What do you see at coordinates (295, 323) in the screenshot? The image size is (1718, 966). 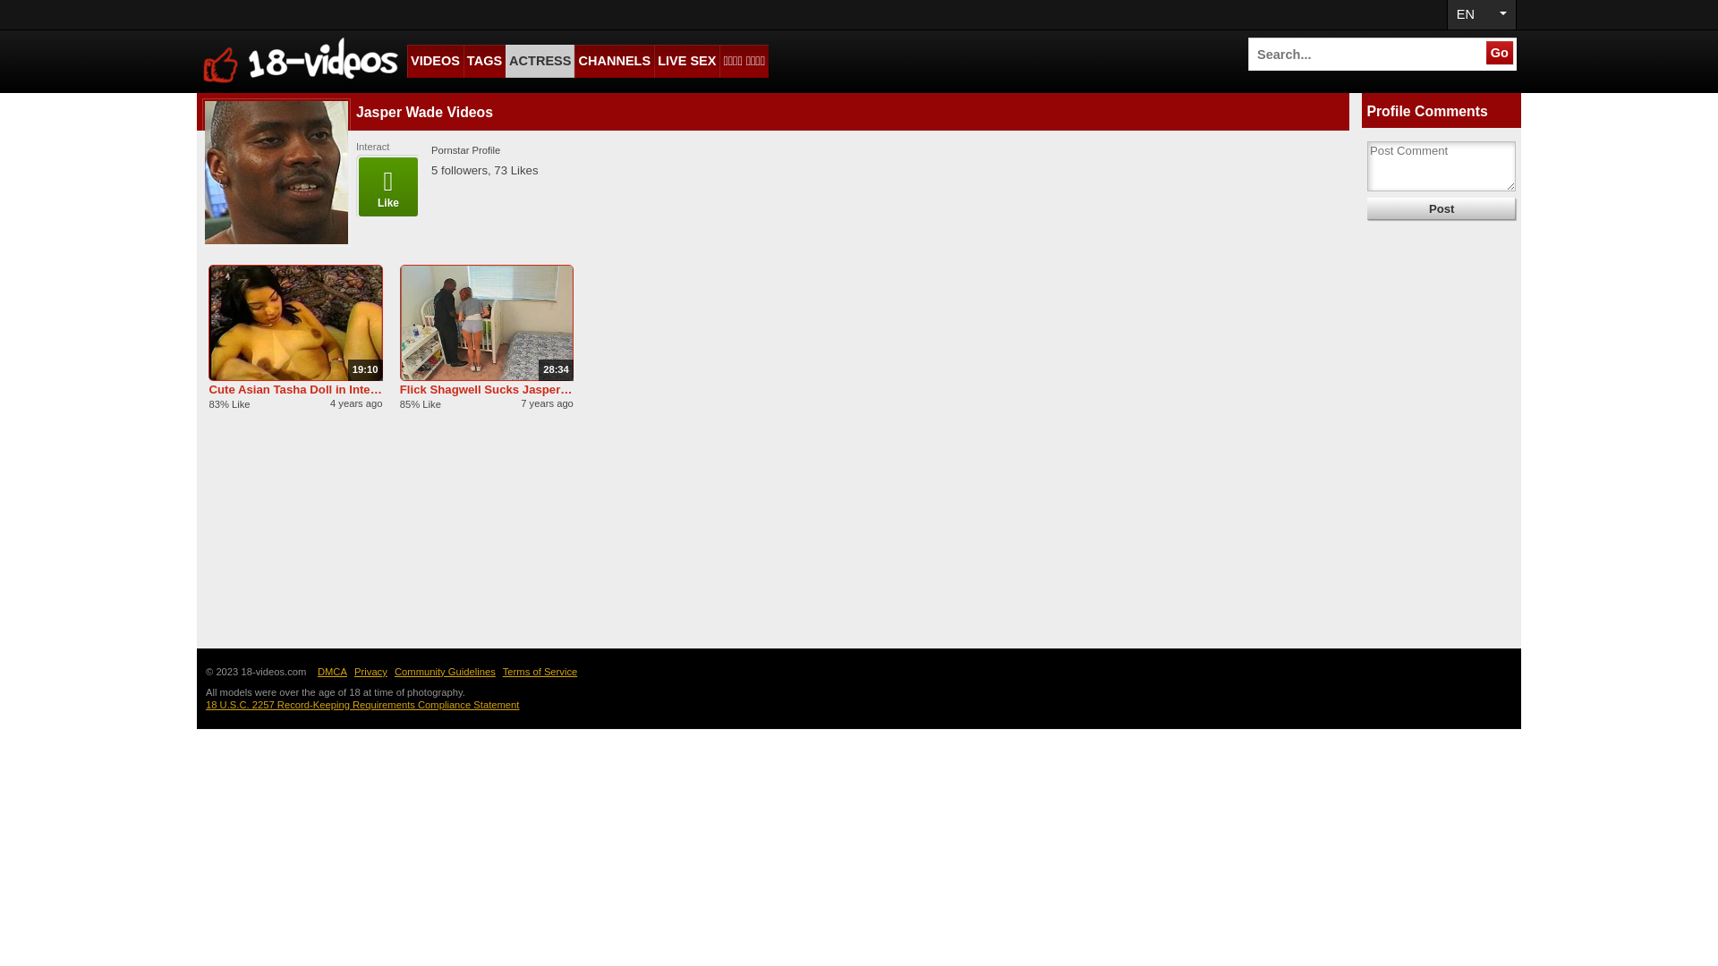 I see `'19:10'` at bounding box center [295, 323].